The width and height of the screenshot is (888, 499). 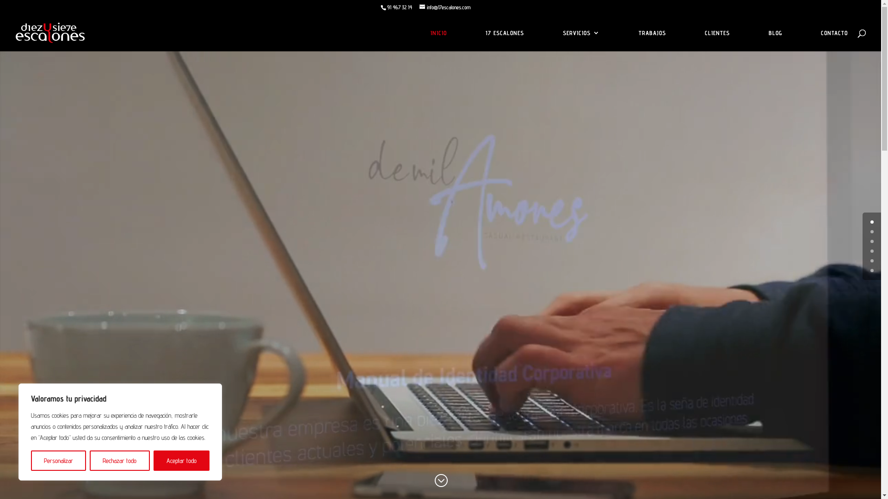 What do you see at coordinates (119, 460) in the screenshot?
I see `'Rechazar todo'` at bounding box center [119, 460].